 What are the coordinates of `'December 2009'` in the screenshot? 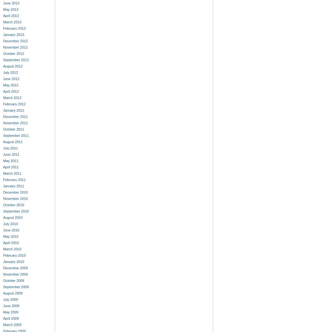 It's located at (15, 267).